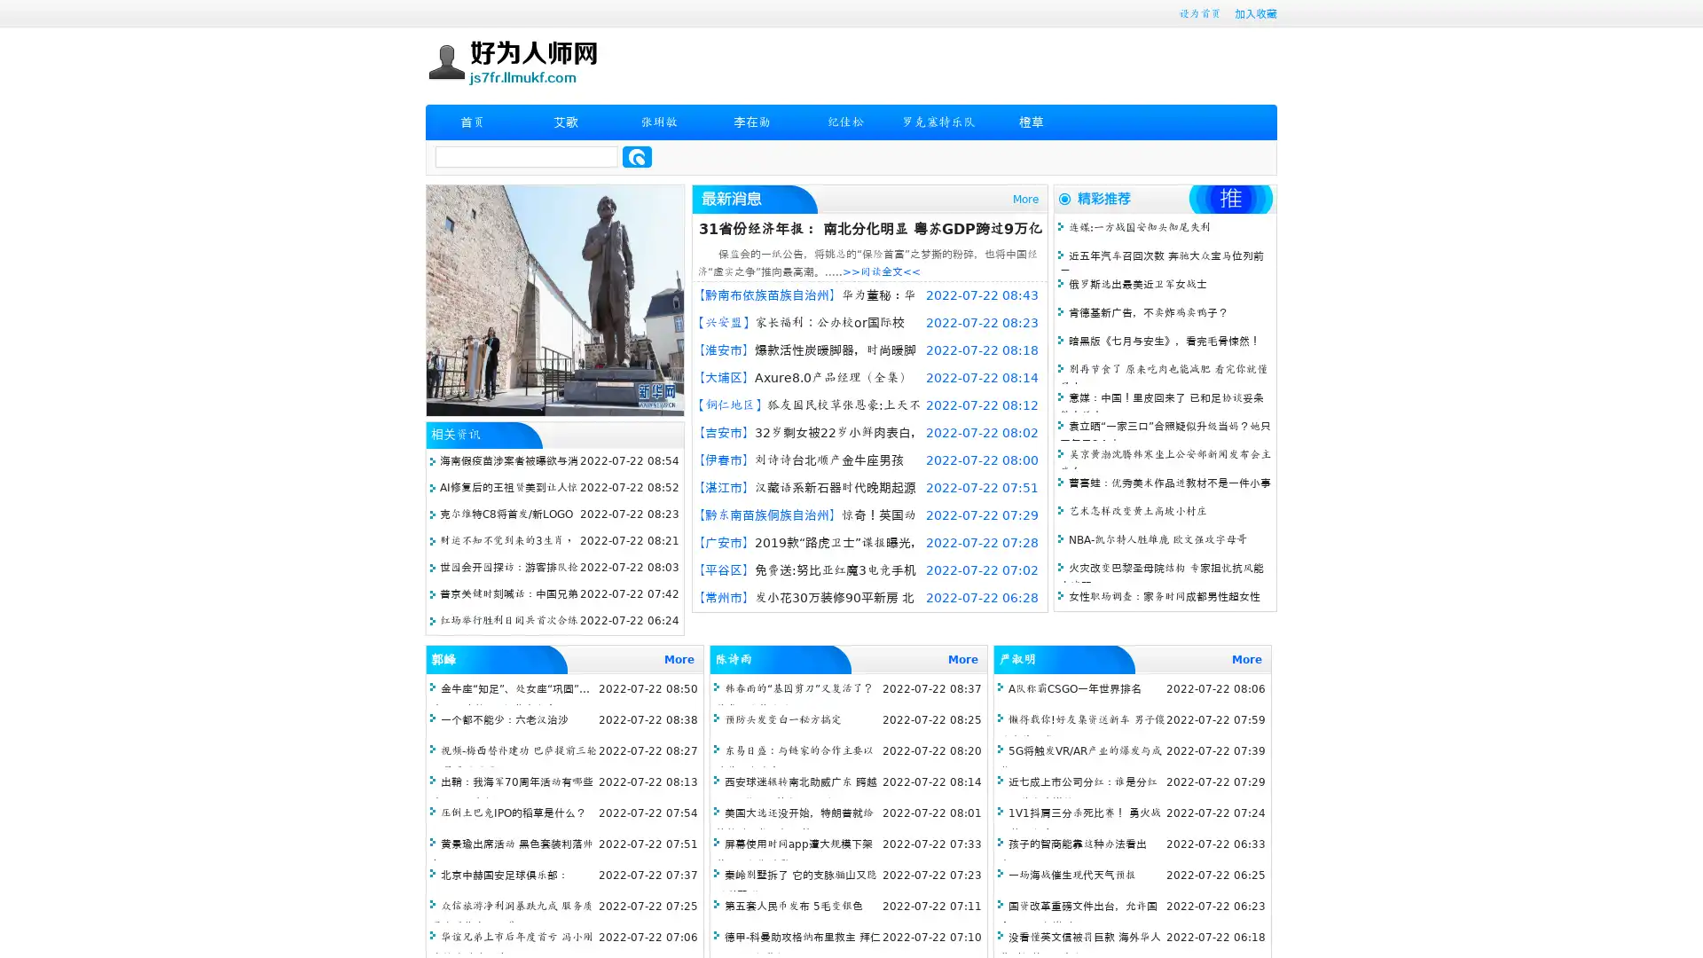 Image resolution: width=1703 pixels, height=958 pixels. I want to click on Search, so click(637, 156).